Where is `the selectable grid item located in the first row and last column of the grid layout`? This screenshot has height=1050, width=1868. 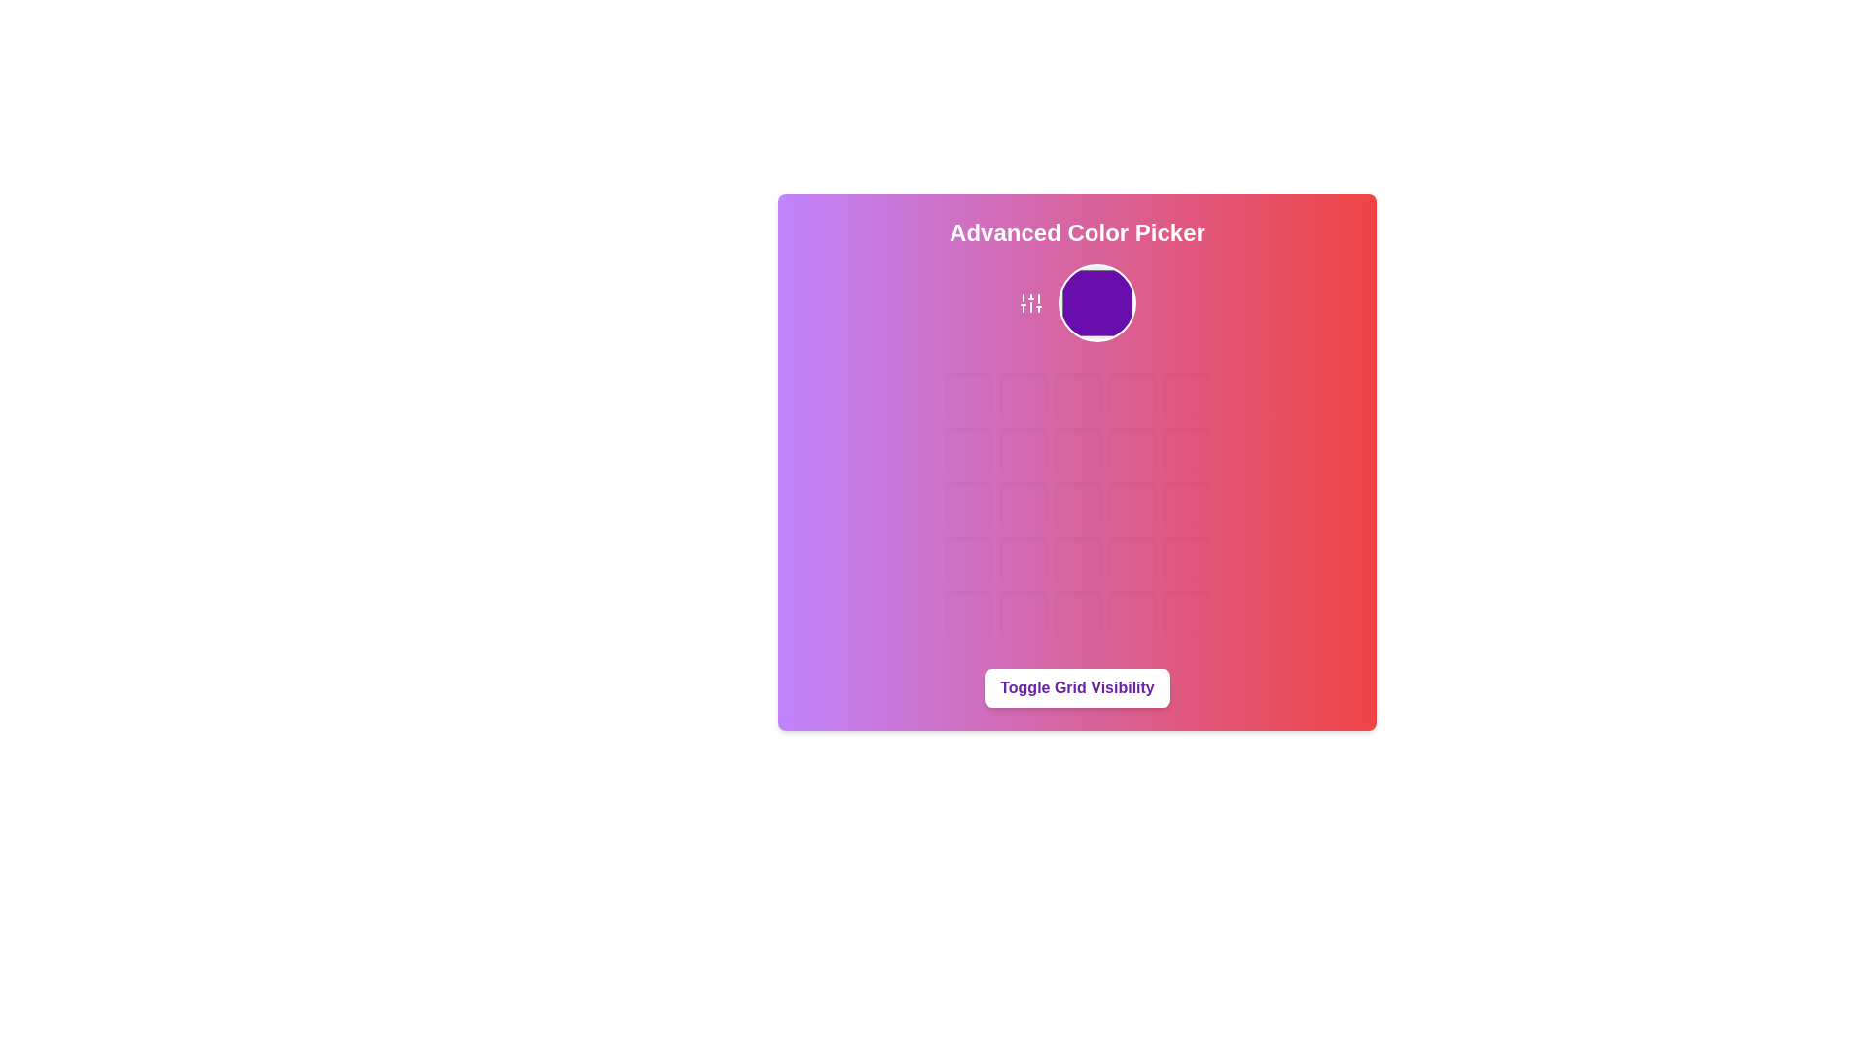 the selectable grid item located in the first row and last column of the grid layout is located at coordinates (1185, 396).